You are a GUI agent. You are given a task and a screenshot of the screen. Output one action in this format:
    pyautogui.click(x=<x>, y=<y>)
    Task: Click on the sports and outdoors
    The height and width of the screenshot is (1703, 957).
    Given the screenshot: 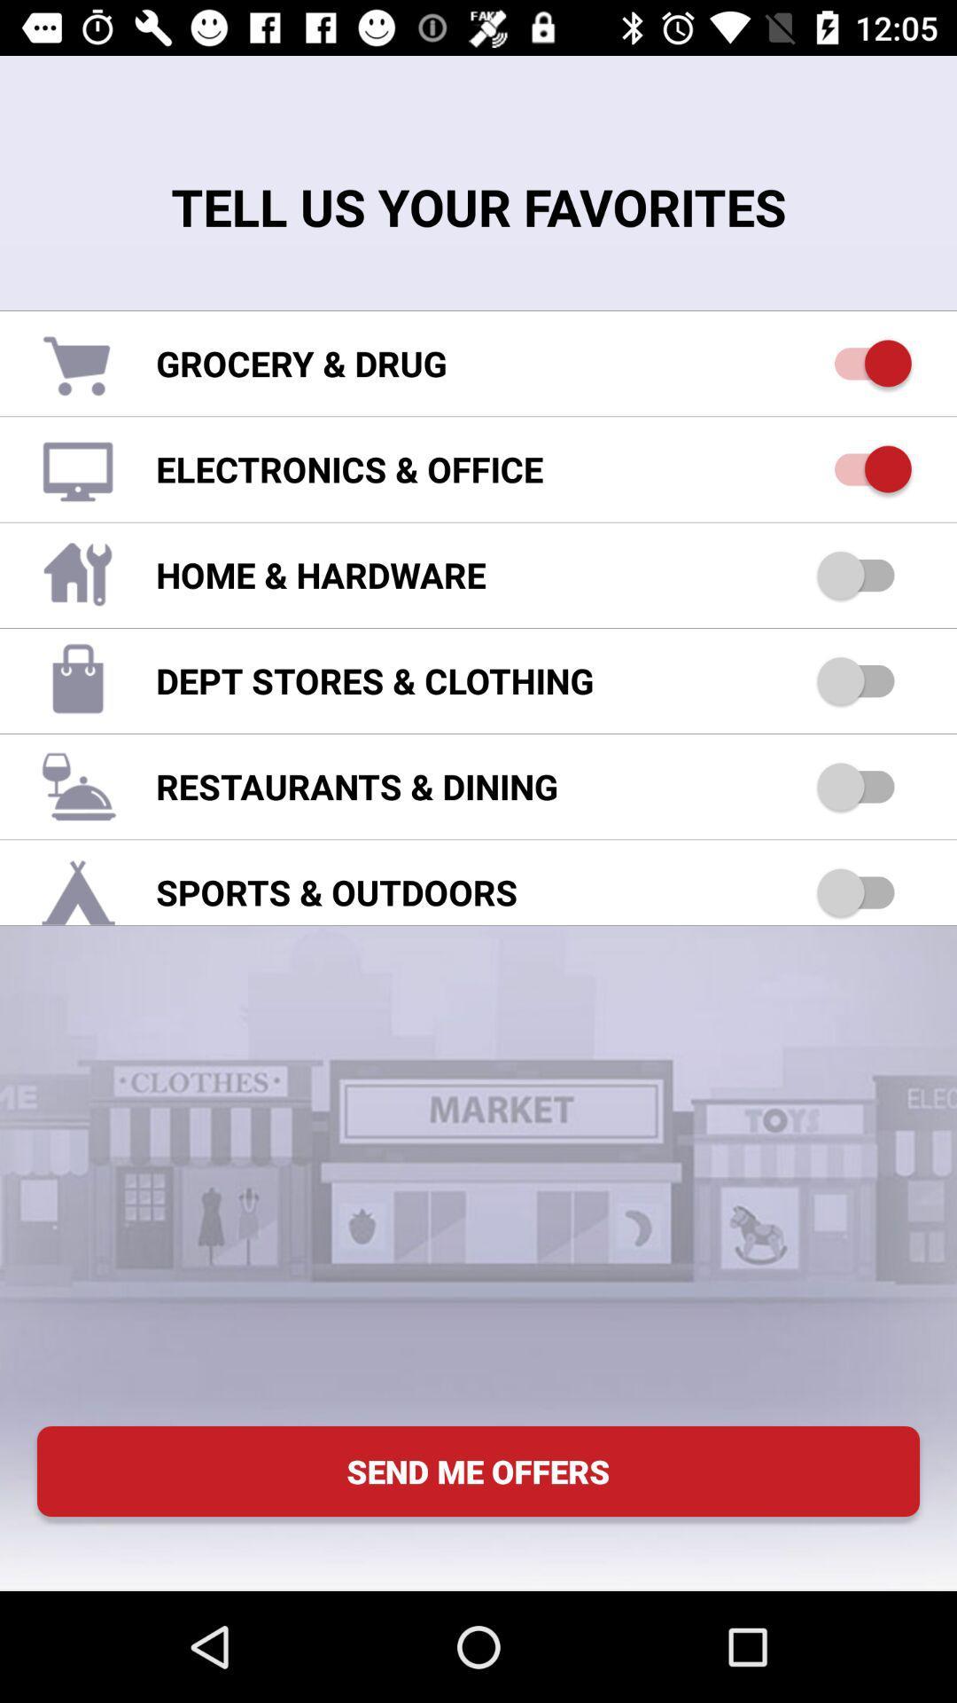 What is the action you would take?
    pyautogui.click(x=863, y=892)
    